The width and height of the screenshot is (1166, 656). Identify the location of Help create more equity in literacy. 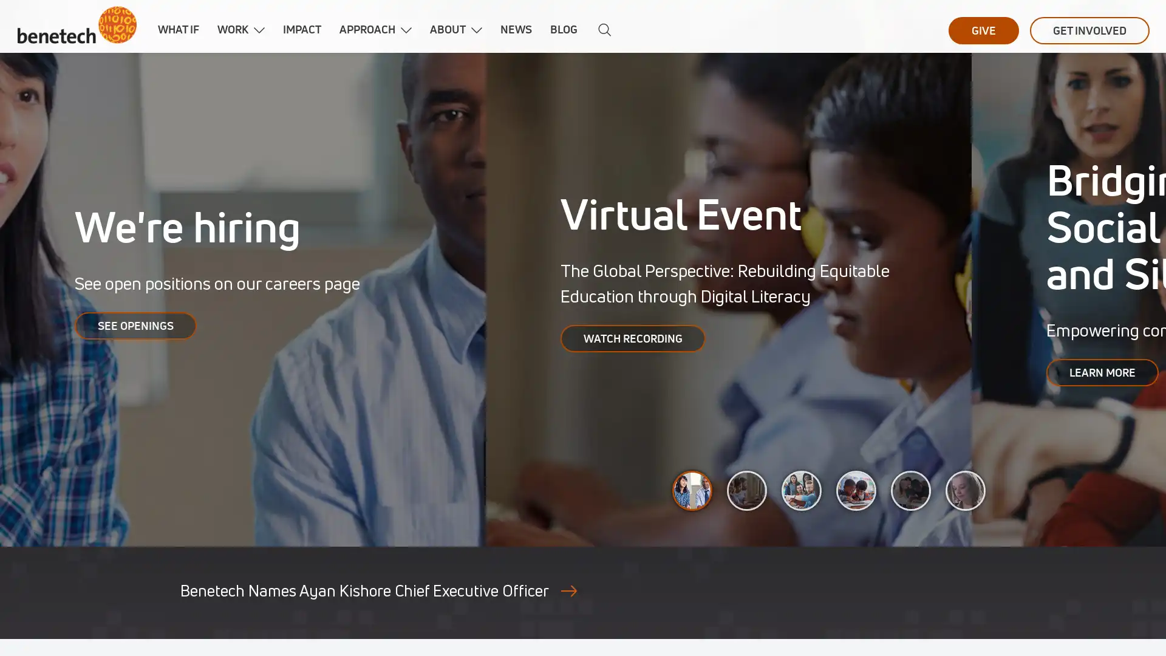
(856, 490).